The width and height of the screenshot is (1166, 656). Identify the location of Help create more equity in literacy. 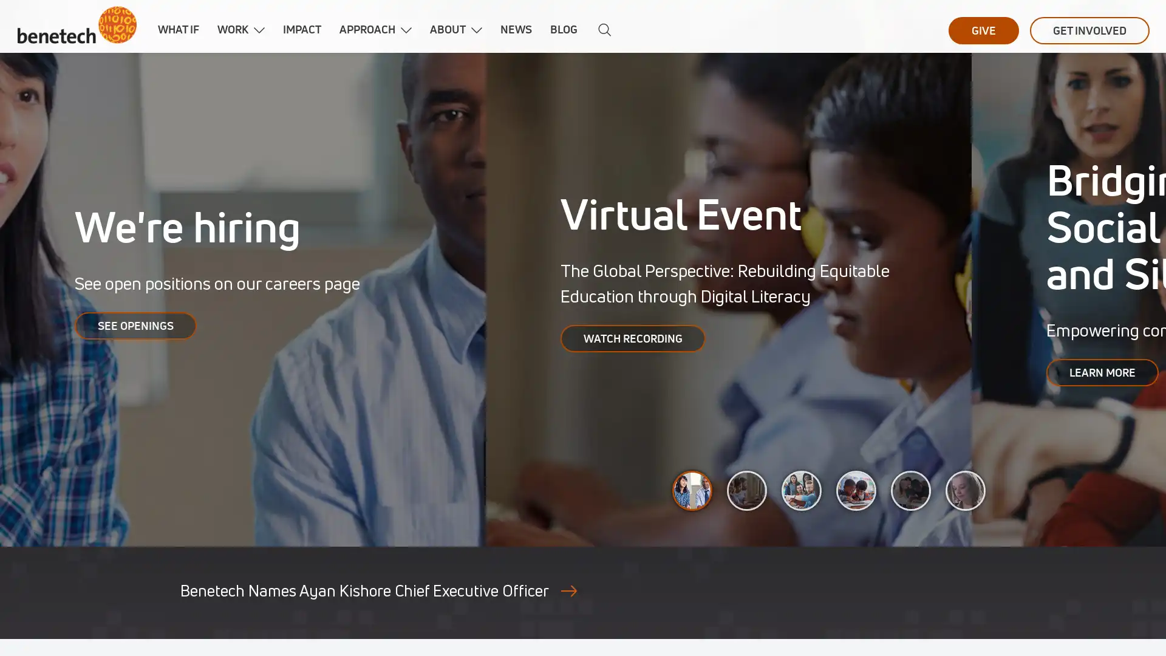
(856, 490).